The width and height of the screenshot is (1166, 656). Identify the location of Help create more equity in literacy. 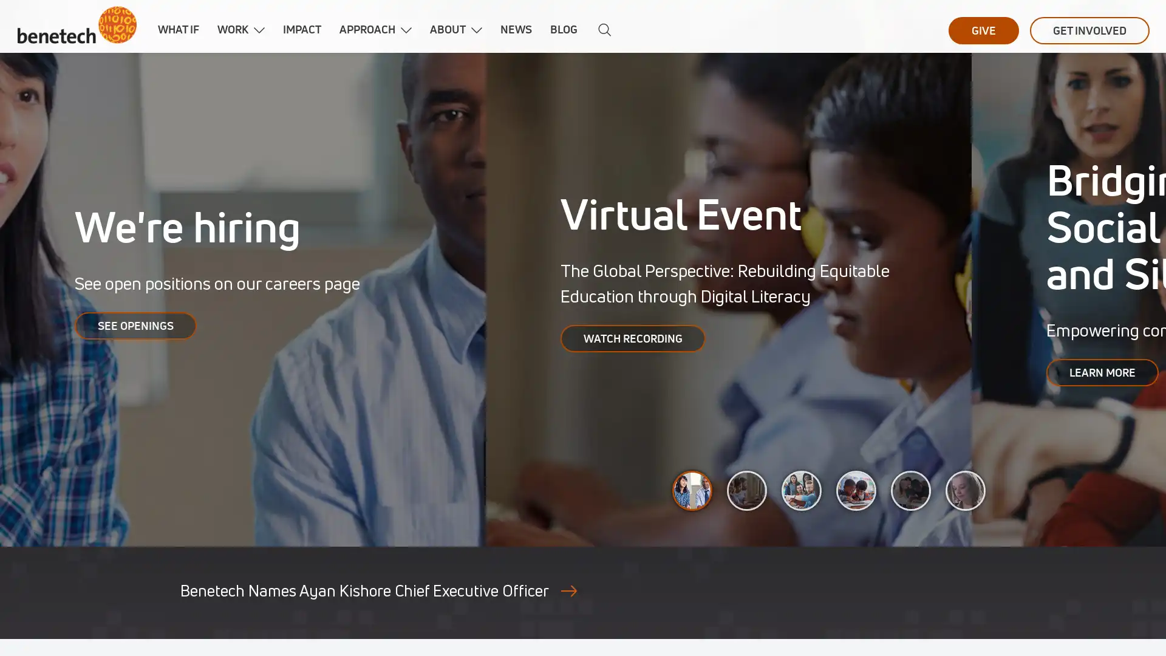
(856, 490).